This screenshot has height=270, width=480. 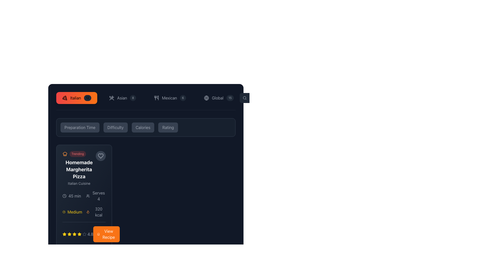 I want to click on the second star icon in the rating system, which is a yellow star with a black outline, so click(x=79, y=234).